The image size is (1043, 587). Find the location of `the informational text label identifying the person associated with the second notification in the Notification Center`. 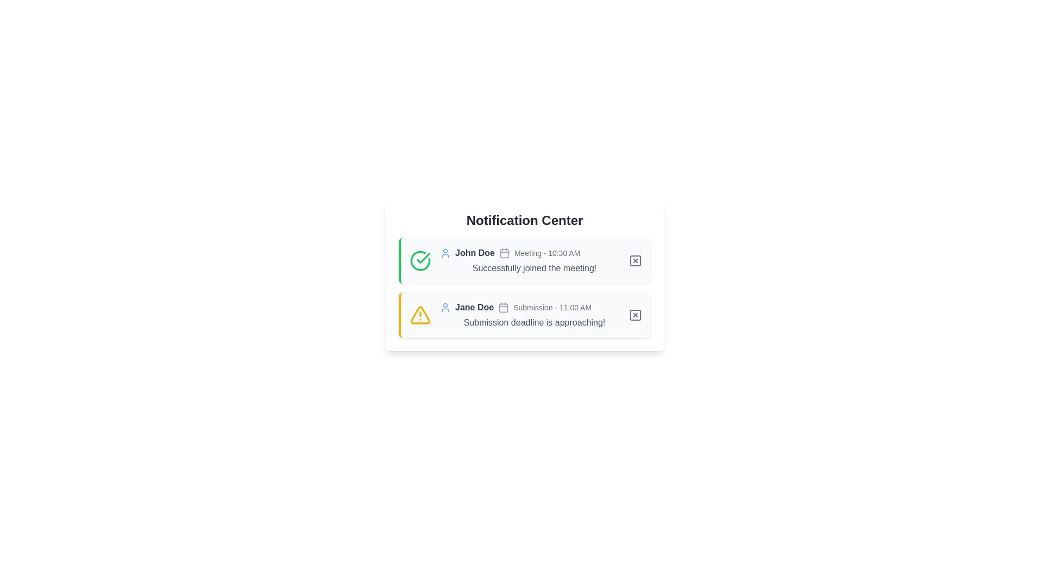

the informational text label identifying the person associated with the second notification in the Notification Center is located at coordinates (474, 308).